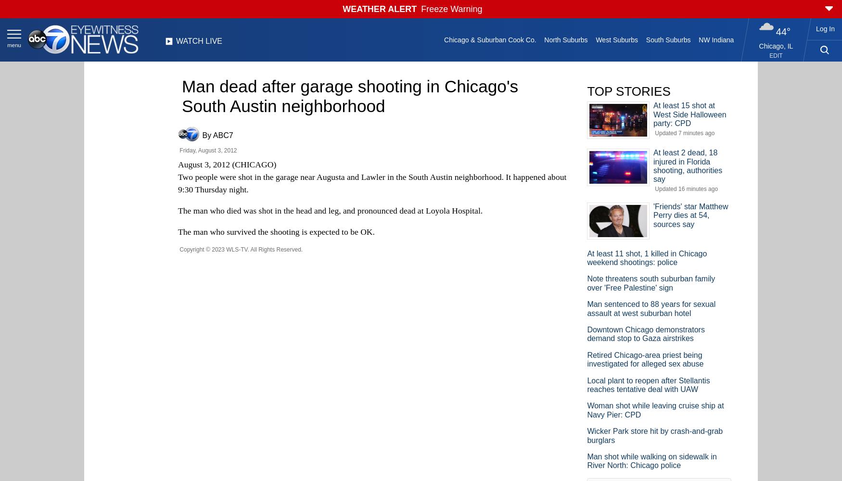 Image resolution: width=842 pixels, height=481 pixels. I want to click on 'Log In', so click(825, 29).